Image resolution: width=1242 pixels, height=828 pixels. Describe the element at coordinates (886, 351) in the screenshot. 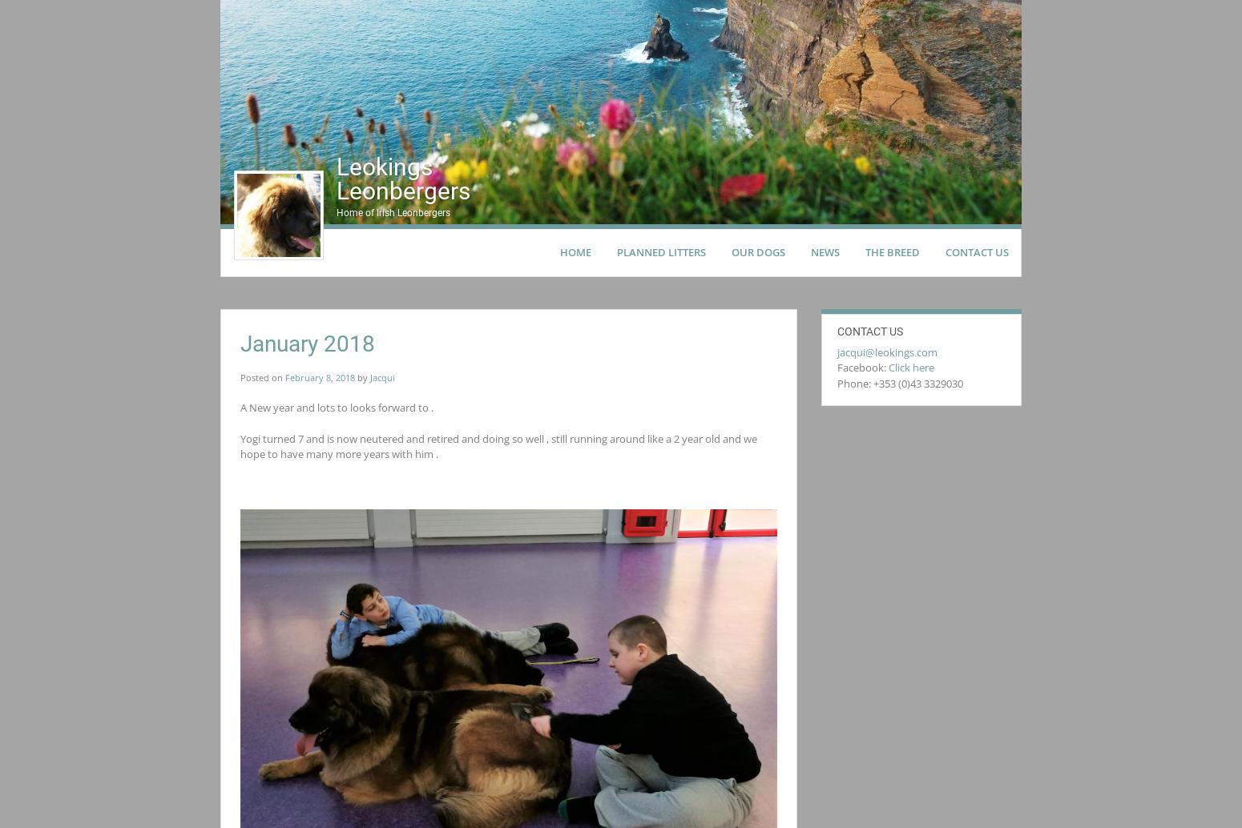

I see `'jacqui@leokings.com'` at that location.